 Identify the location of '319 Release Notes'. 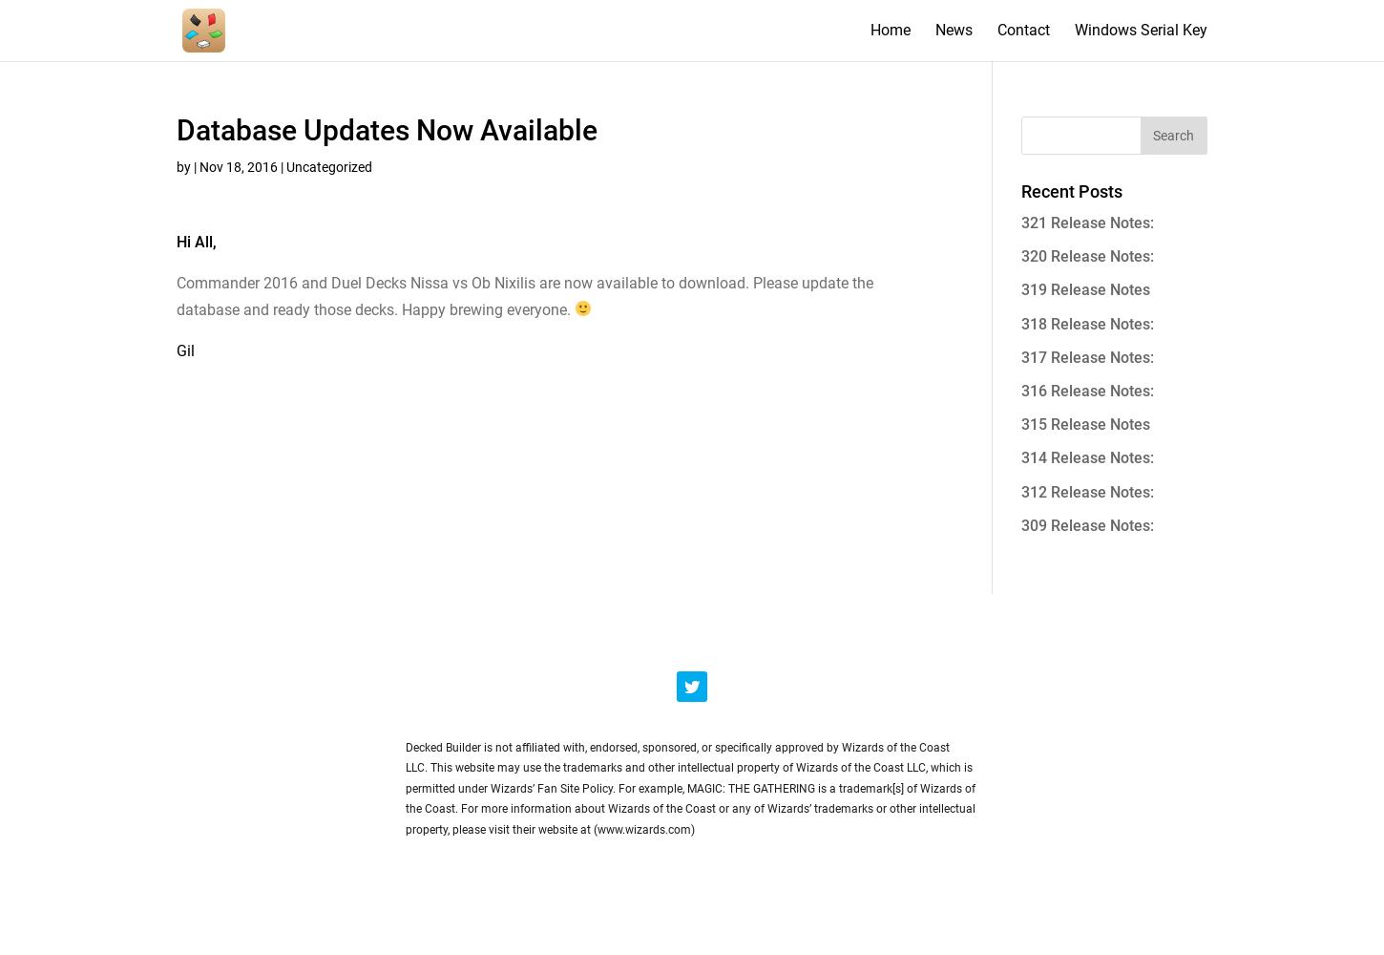
(1083, 289).